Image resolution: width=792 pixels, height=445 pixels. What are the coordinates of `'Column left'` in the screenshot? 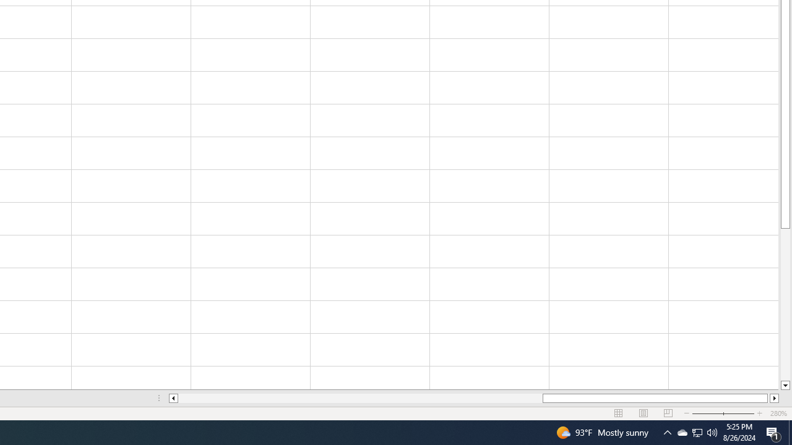 It's located at (172, 398).